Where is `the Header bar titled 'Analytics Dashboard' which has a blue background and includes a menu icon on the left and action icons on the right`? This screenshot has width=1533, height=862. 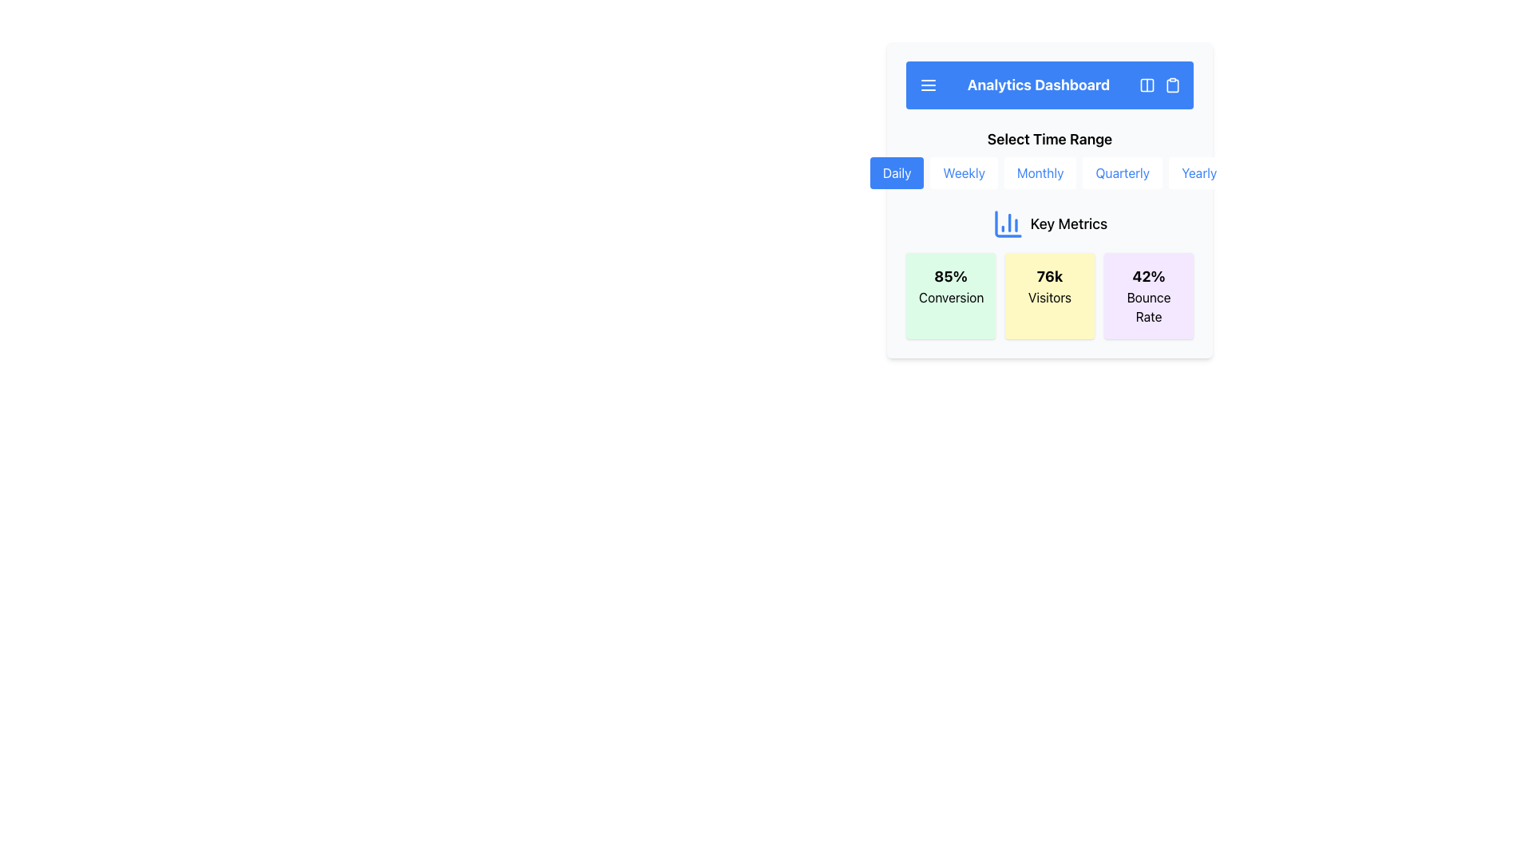 the Header bar titled 'Analytics Dashboard' which has a blue background and includes a menu icon on the left and action icons on the right is located at coordinates (1050, 85).